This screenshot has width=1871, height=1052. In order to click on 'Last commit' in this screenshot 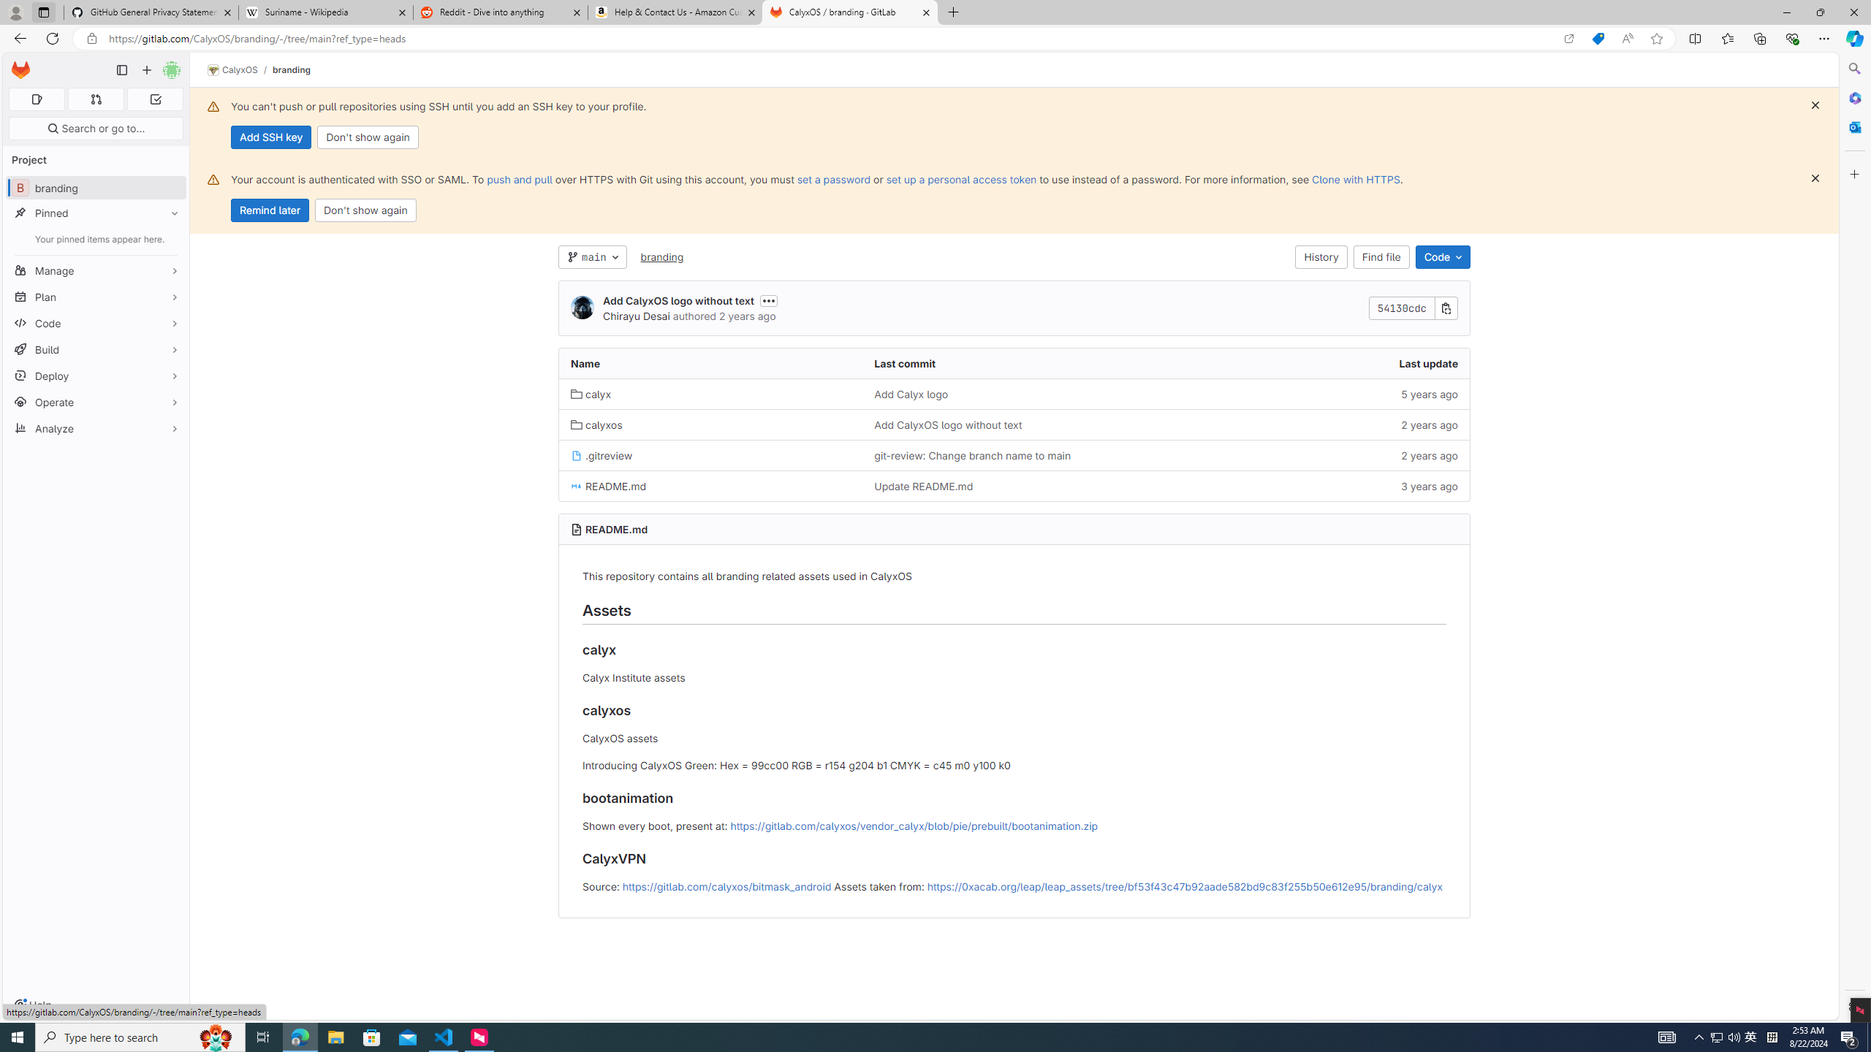, I will do `click(1013, 363)`.